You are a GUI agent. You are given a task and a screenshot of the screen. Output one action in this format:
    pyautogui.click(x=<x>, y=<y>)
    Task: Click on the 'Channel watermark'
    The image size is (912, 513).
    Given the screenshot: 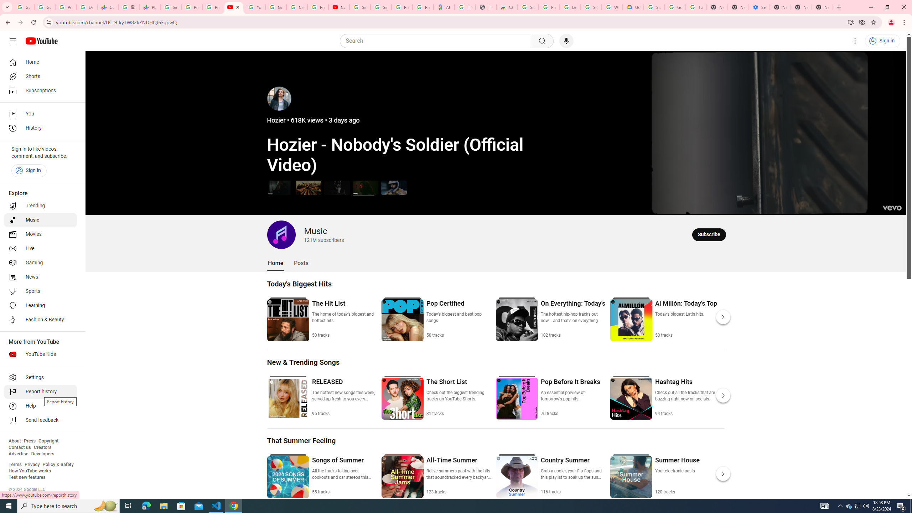 What is the action you would take?
    pyautogui.click(x=892, y=207)
    